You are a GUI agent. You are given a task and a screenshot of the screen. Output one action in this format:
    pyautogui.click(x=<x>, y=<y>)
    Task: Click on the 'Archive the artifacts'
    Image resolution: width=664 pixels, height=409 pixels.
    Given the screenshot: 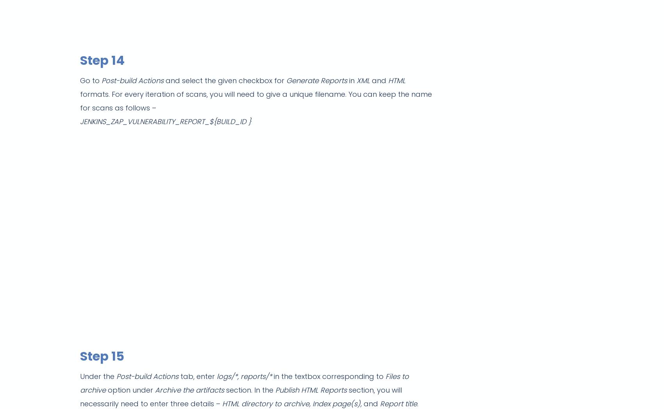 What is the action you would take?
    pyautogui.click(x=154, y=389)
    